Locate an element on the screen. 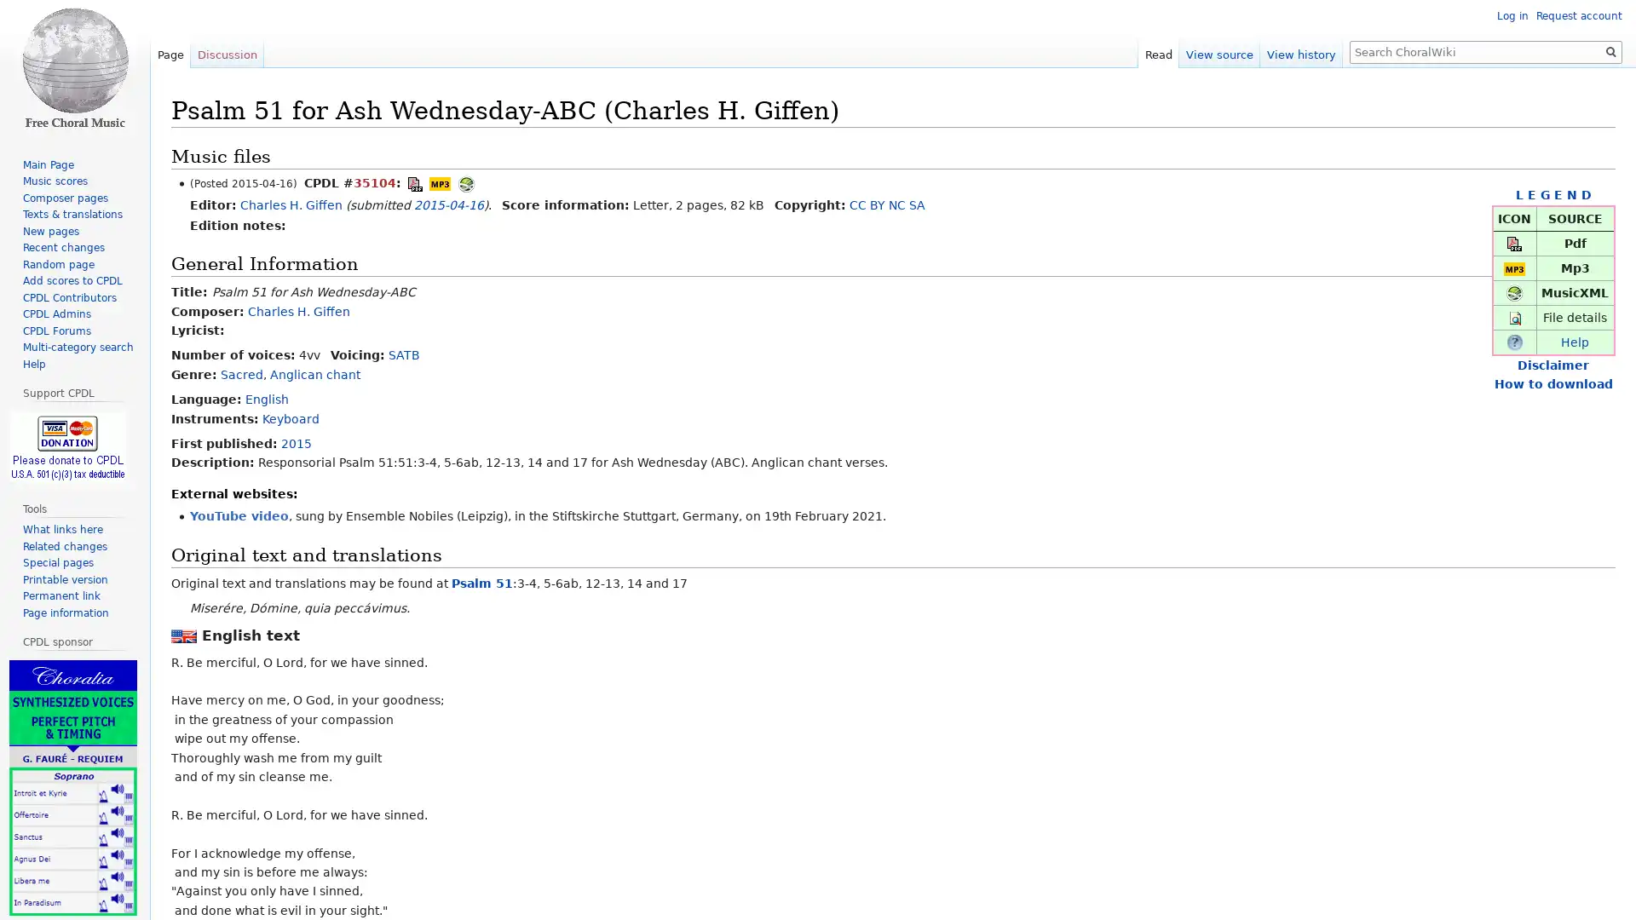 Image resolution: width=1636 pixels, height=920 pixels. Search is located at coordinates (1610, 51).